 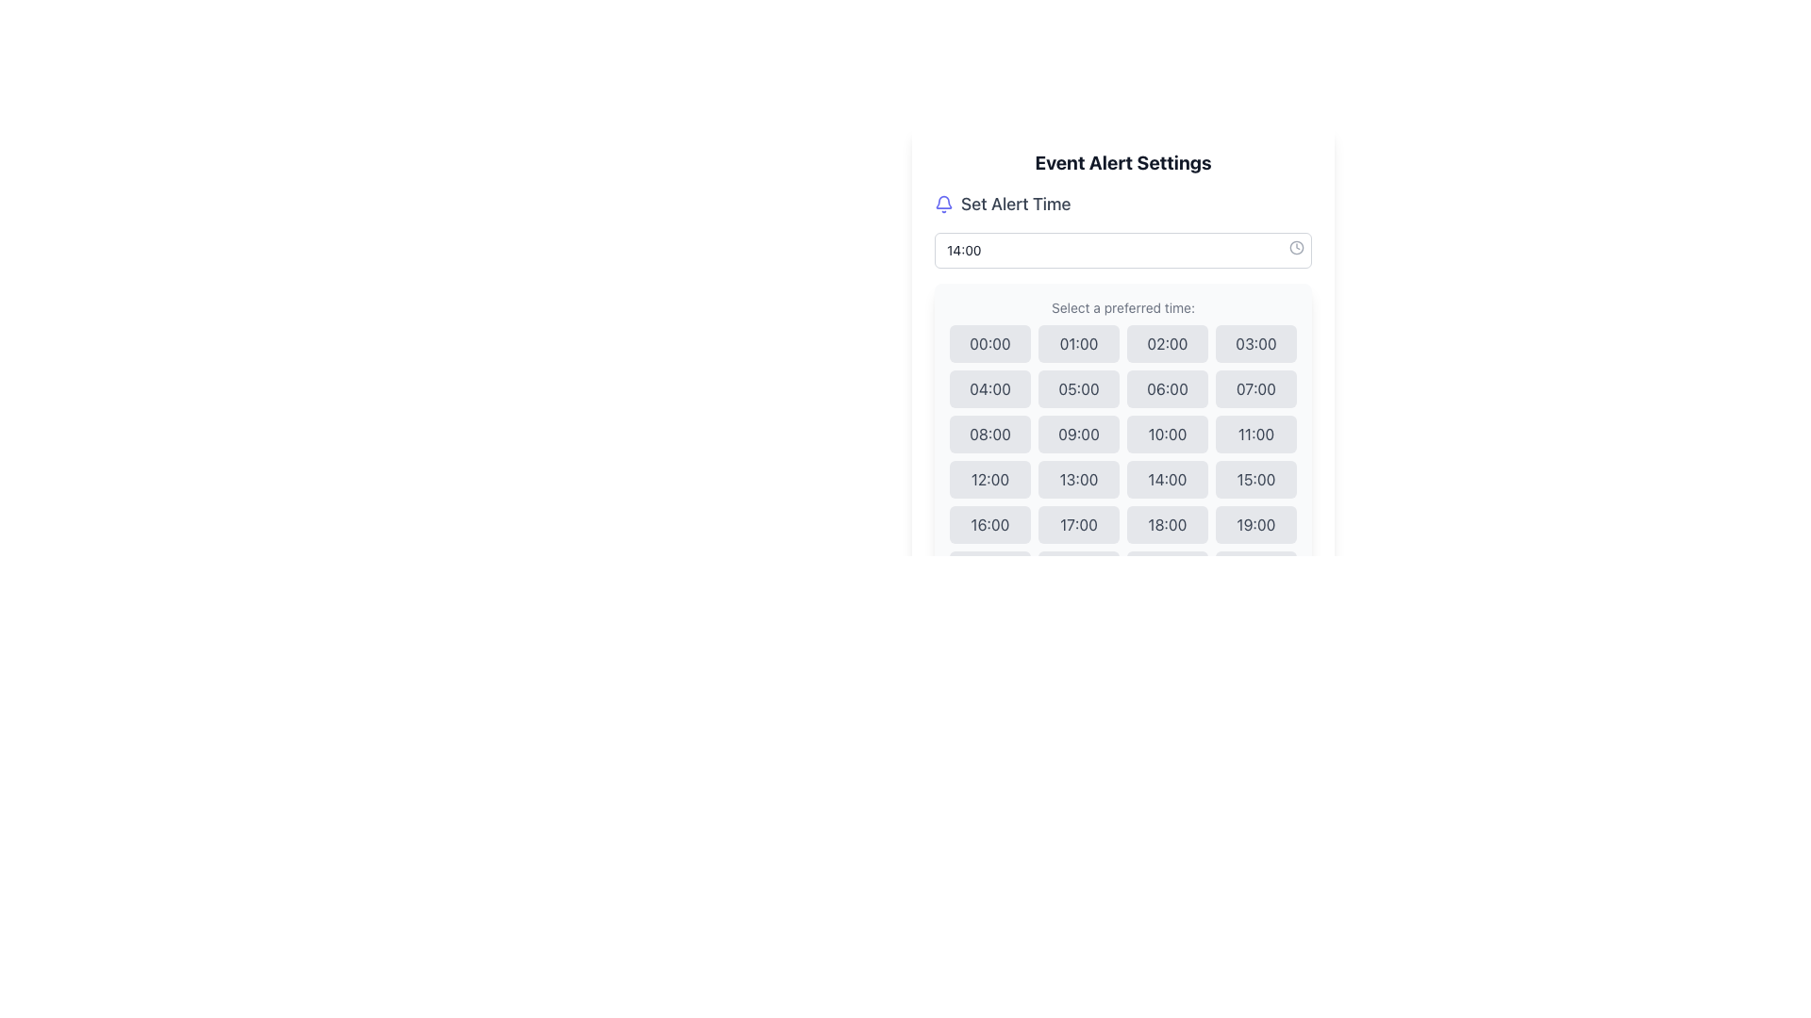 What do you see at coordinates (1255, 524) in the screenshot?
I see `the button labeled '19:00', which is the fourth button in the bottommost row of a time selection grid located below the heading 'Select a preferred time:'` at bounding box center [1255, 524].